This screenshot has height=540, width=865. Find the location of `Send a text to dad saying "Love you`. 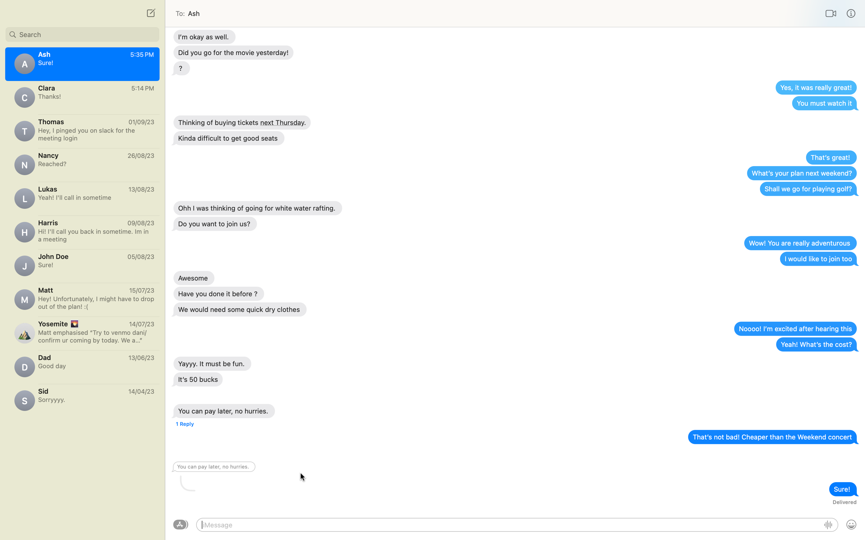

Send a text to dad saying "Love you is located at coordinates (82, 364).